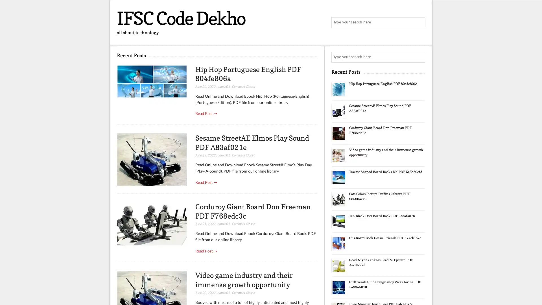  I want to click on Search, so click(419, 58).